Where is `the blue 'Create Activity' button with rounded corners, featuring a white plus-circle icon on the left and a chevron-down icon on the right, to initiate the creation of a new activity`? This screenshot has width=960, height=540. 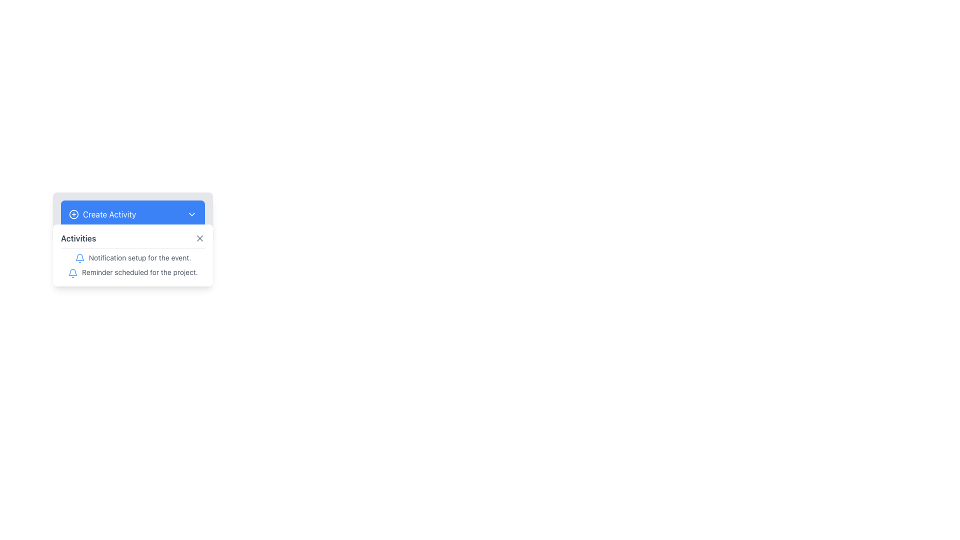
the blue 'Create Activity' button with rounded corners, featuring a white plus-circle icon on the left and a chevron-down icon on the right, to initiate the creation of a new activity is located at coordinates (132, 213).